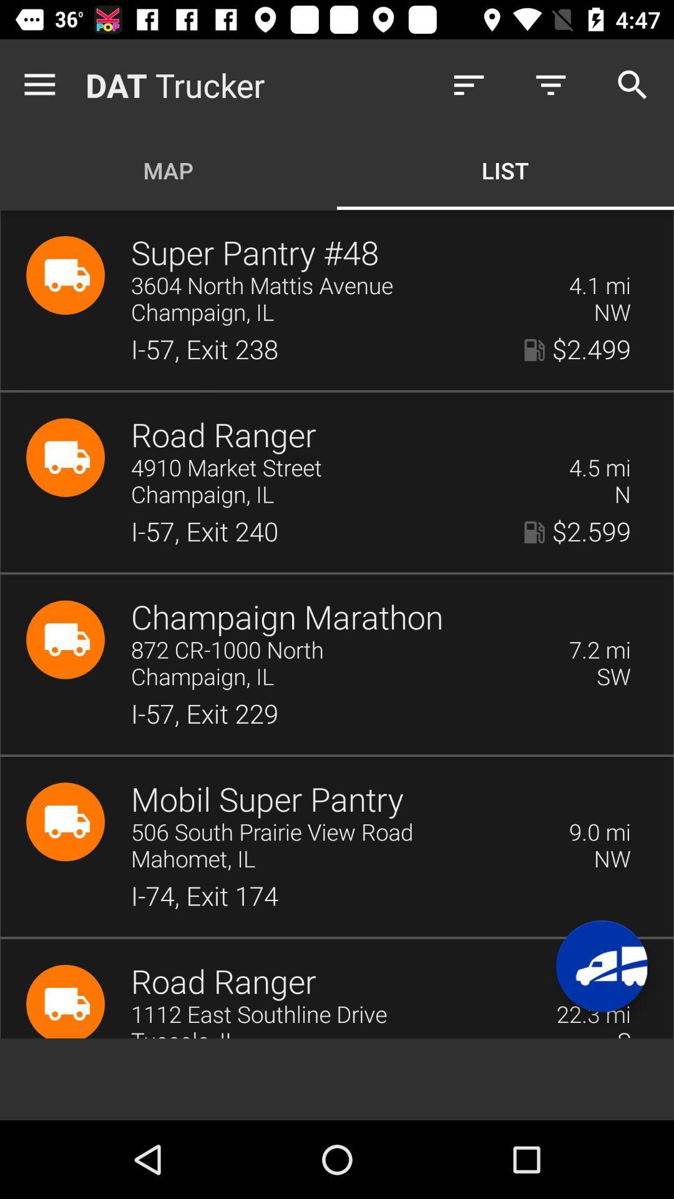 This screenshot has height=1199, width=674. What do you see at coordinates (287, 618) in the screenshot?
I see `champaign marathon` at bounding box center [287, 618].